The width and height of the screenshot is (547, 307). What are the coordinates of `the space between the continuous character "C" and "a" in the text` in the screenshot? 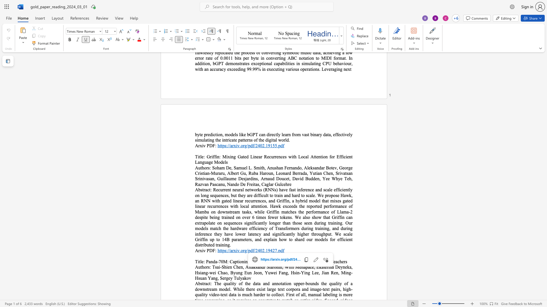 It's located at (232, 262).